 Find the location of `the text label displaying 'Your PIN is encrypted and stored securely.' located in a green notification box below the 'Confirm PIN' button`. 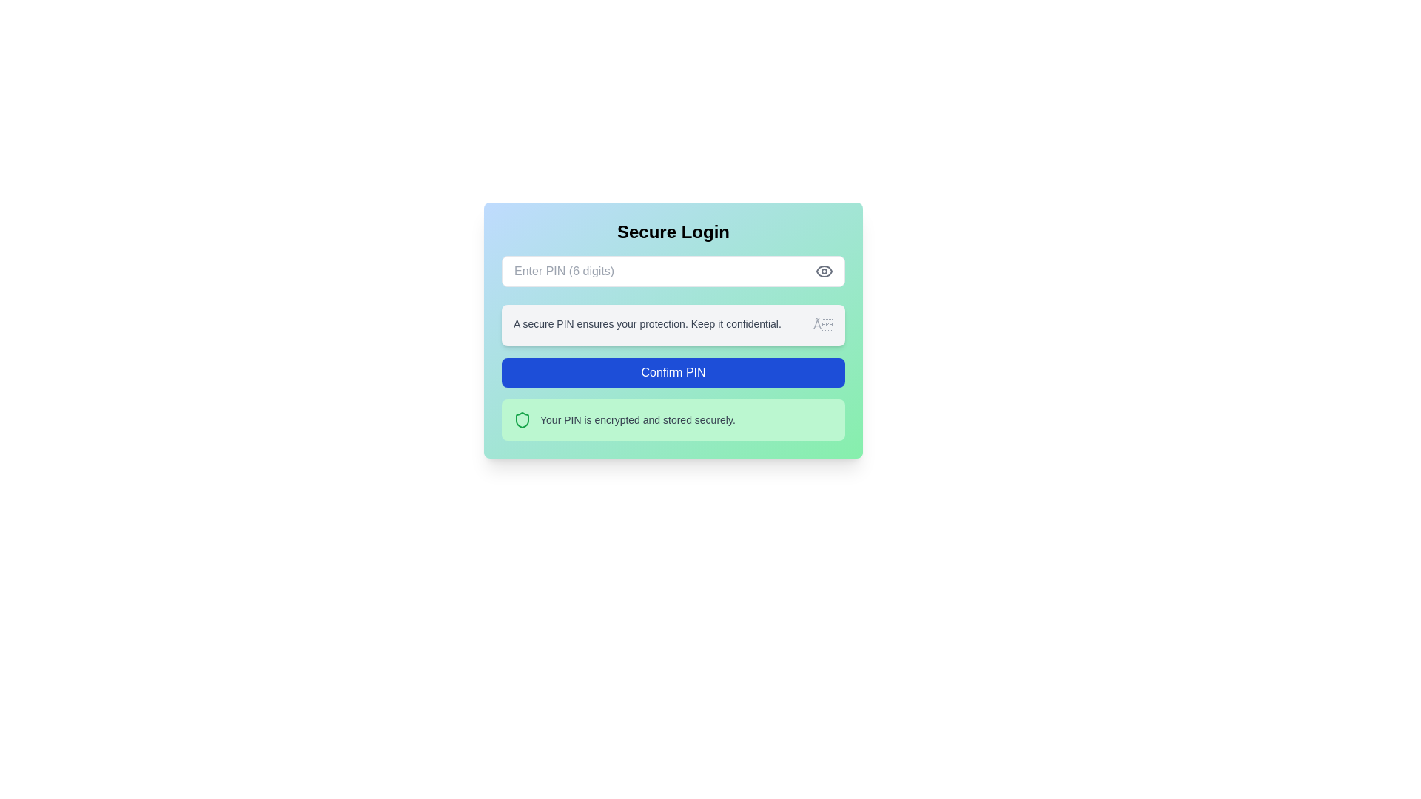

the text label displaying 'Your PIN is encrypted and stored securely.' located in a green notification box below the 'Confirm PIN' button is located at coordinates (637, 419).